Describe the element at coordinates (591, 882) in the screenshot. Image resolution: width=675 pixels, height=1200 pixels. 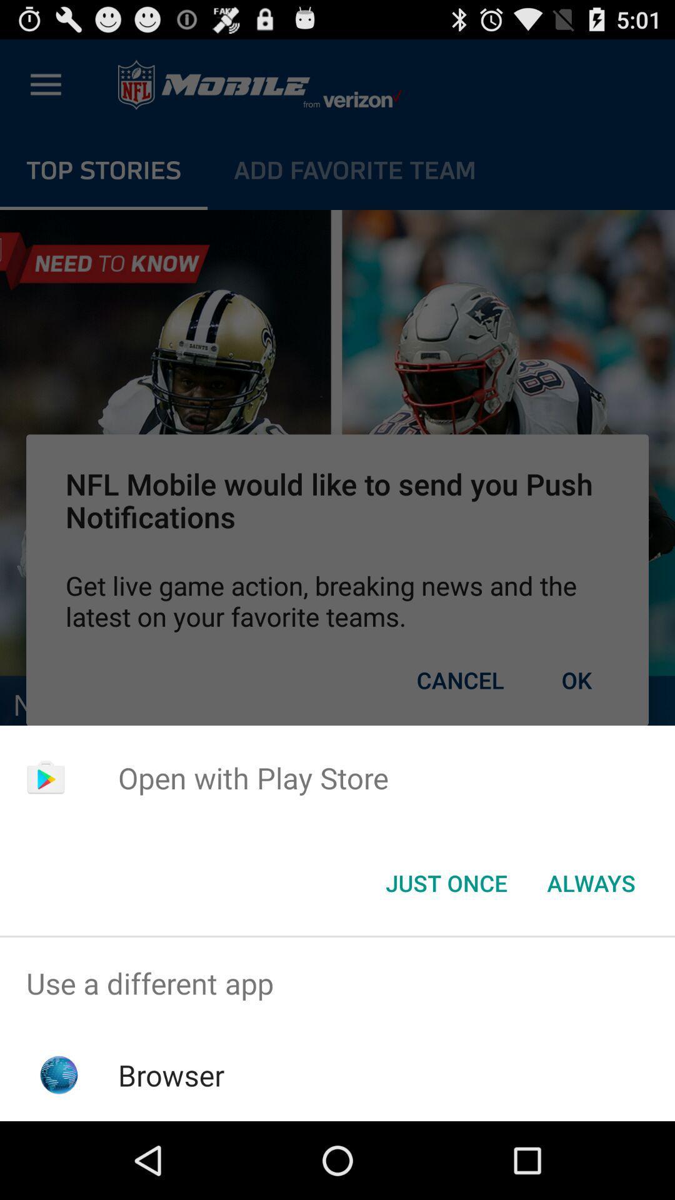
I see `the always icon` at that location.